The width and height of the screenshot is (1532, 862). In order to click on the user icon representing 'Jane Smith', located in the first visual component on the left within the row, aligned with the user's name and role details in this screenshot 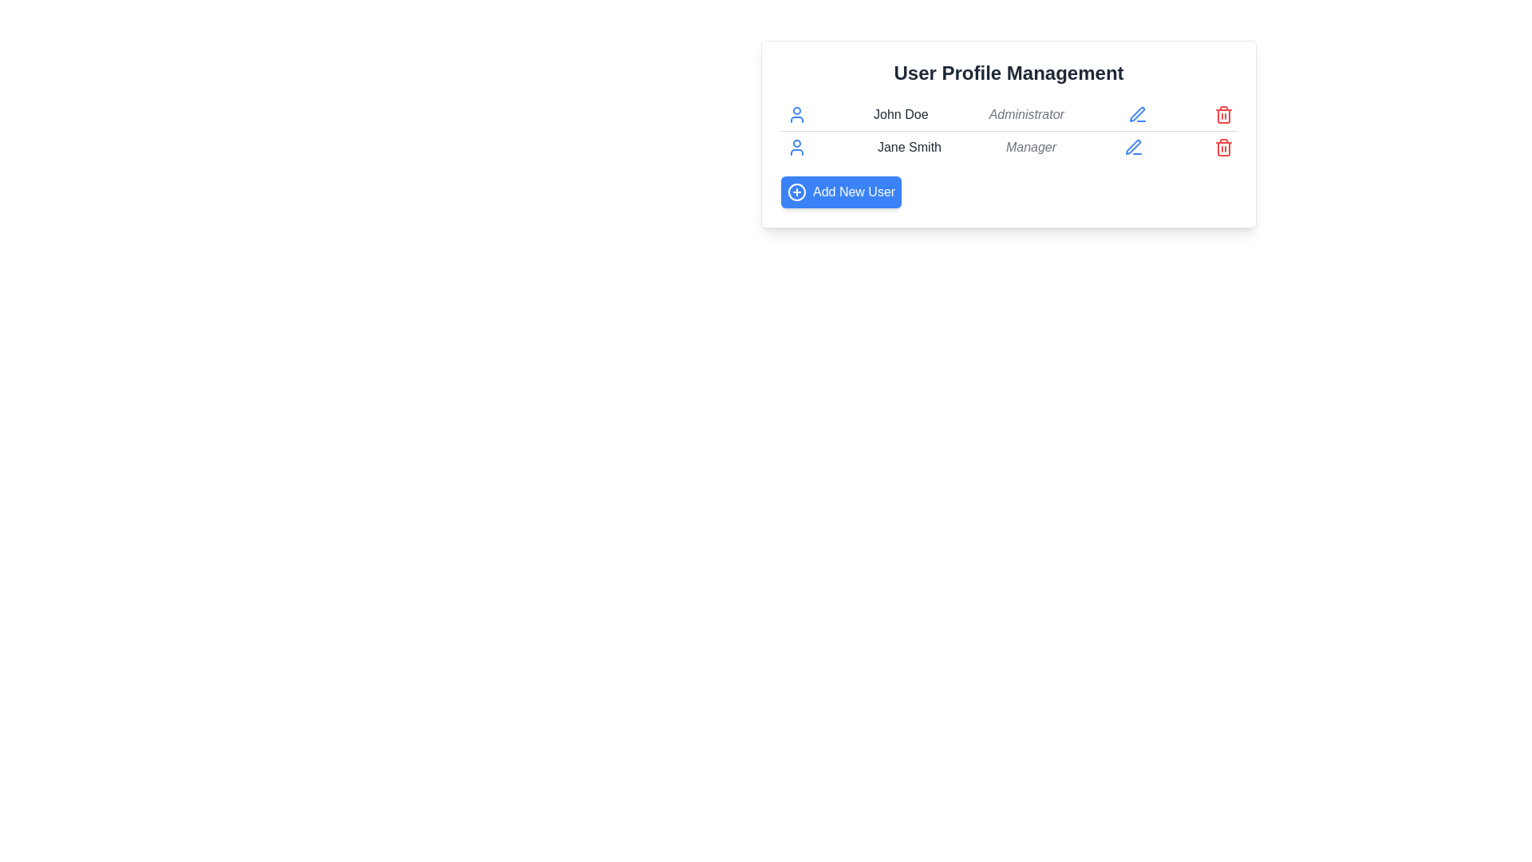, I will do `click(796, 148)`.